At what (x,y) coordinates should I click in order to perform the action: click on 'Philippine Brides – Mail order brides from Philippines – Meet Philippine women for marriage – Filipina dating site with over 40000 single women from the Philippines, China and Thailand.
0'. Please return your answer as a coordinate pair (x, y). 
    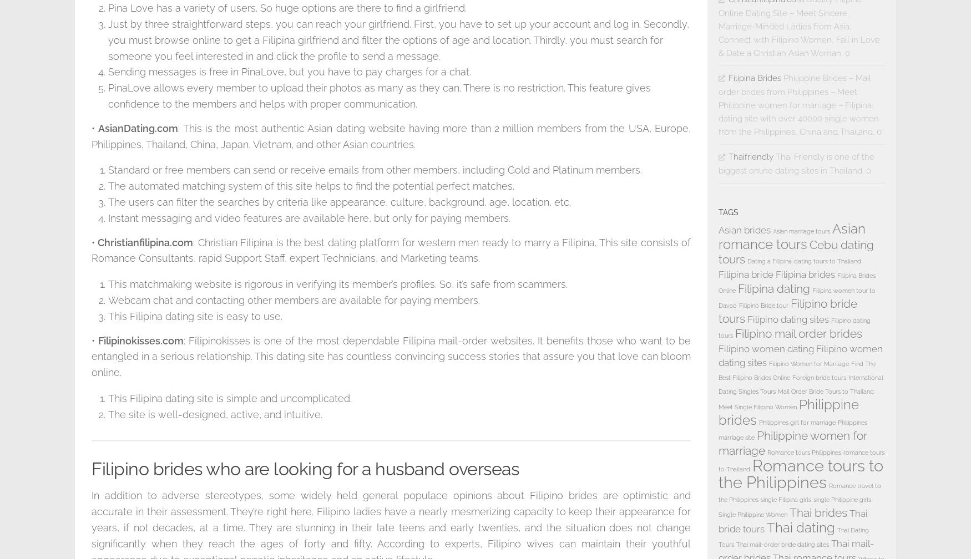
    Looking at the image, I should click on (800, 104).